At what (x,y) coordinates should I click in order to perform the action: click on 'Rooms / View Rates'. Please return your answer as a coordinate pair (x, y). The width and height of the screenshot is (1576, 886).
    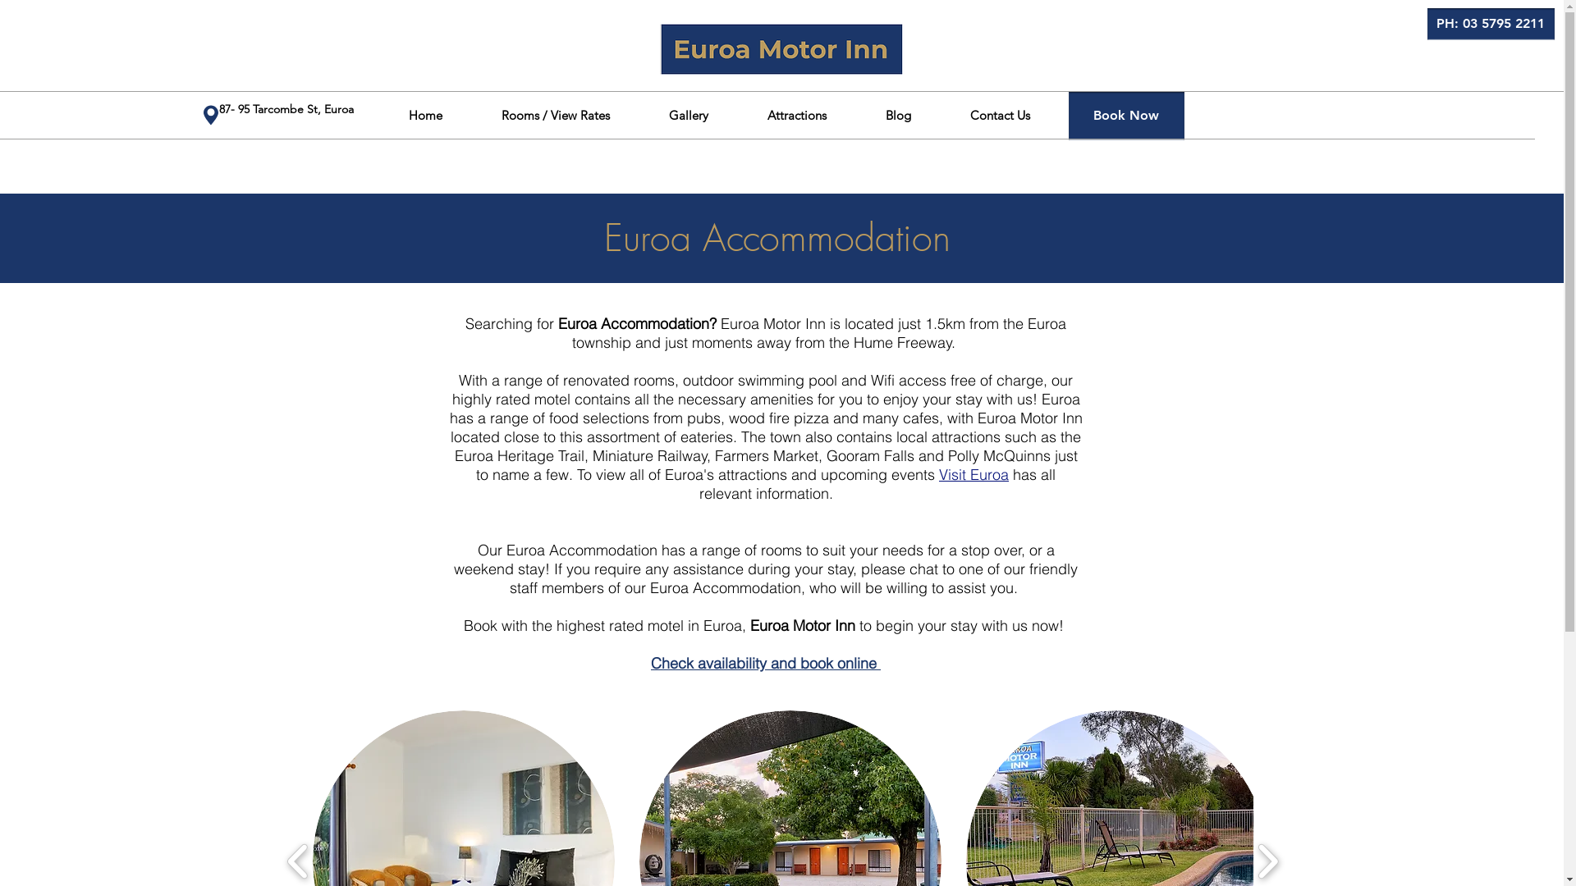
    Looking at the image, I should click on (555, 114).